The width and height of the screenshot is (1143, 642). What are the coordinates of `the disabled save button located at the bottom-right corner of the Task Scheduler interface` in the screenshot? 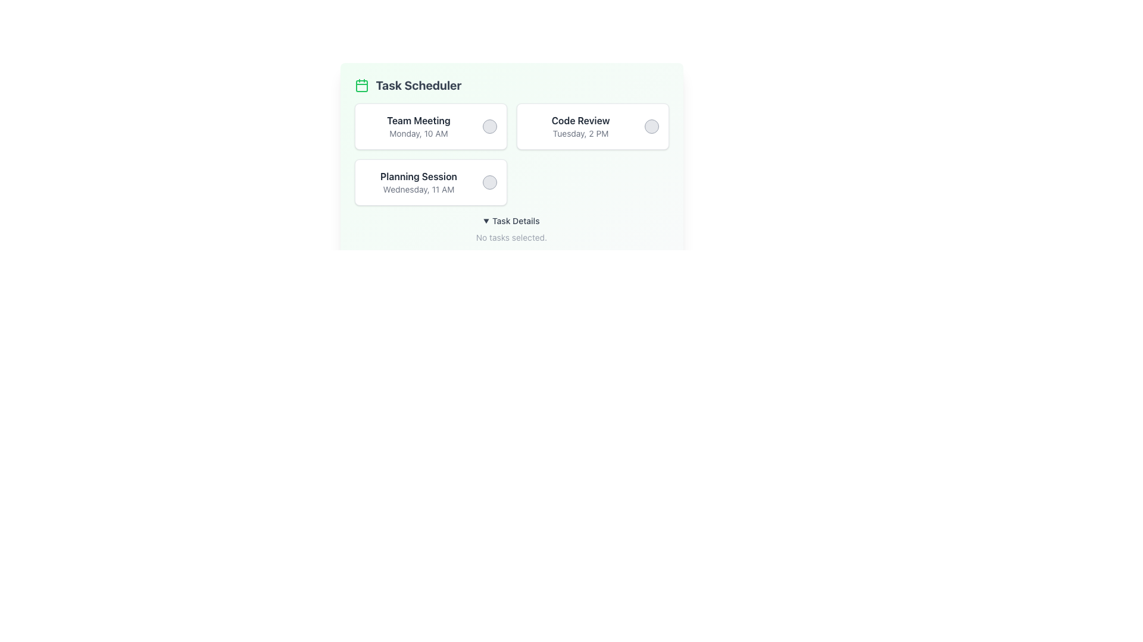 It's located at (628, 265).